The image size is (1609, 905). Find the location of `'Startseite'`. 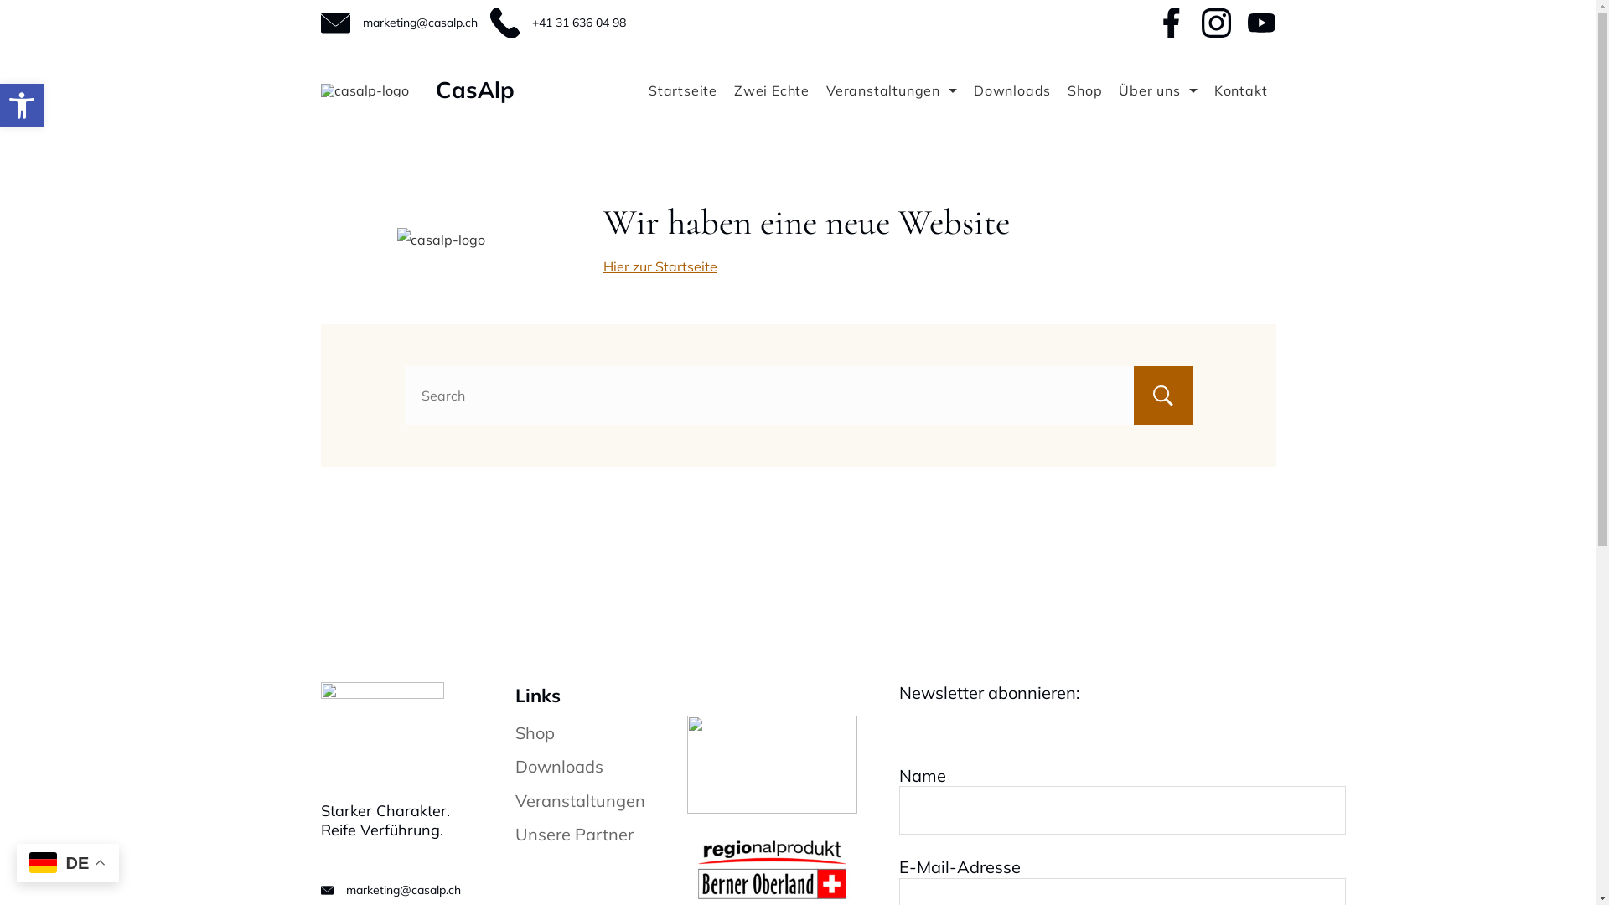

'Startseite' is located at coordinates (683, 90).